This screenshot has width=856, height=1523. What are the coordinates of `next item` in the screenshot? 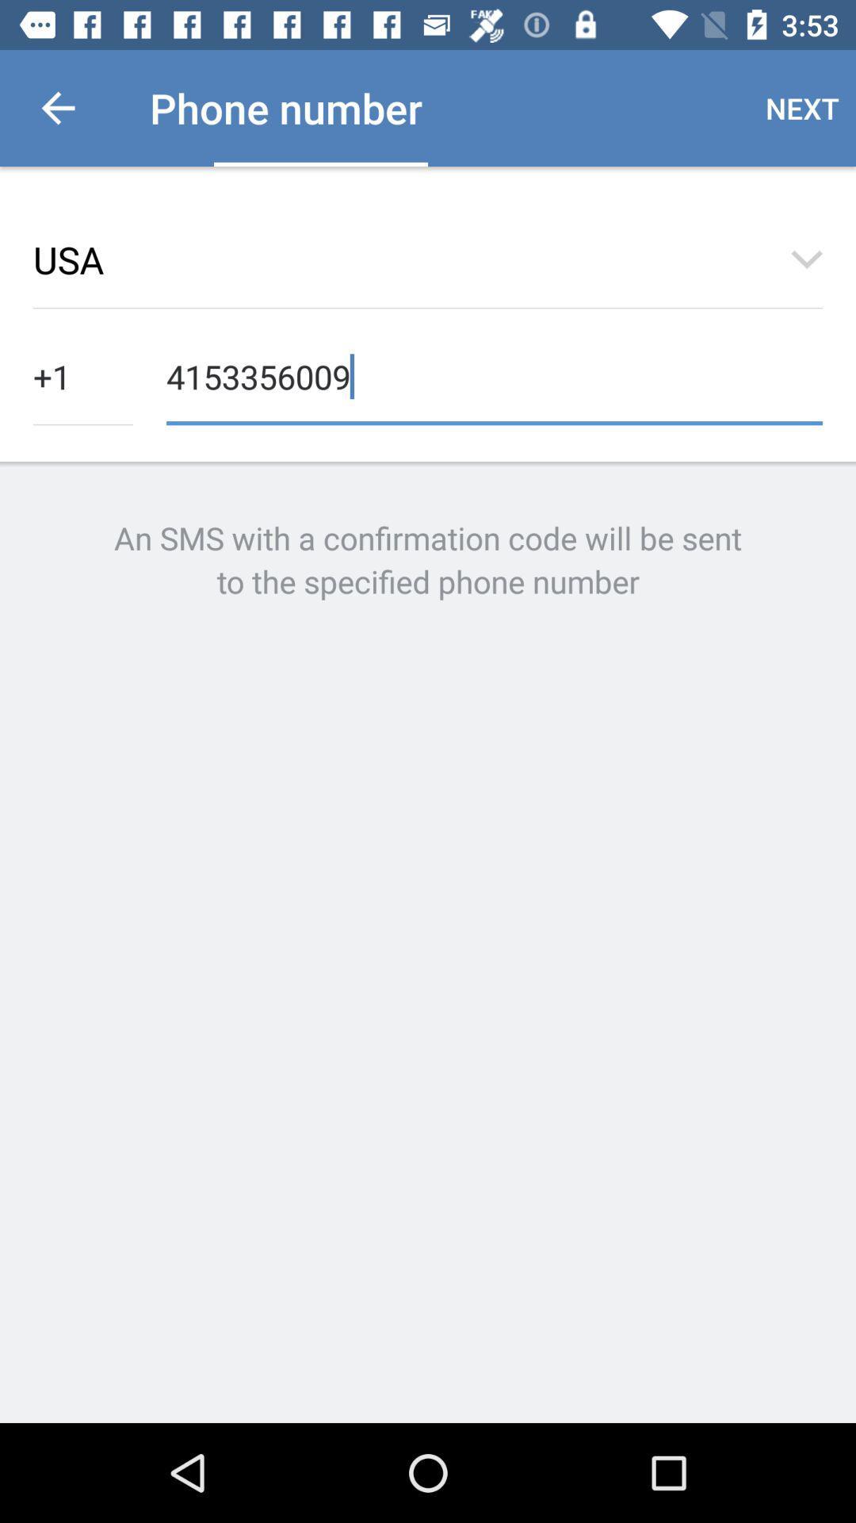 It's located at (802, 107).